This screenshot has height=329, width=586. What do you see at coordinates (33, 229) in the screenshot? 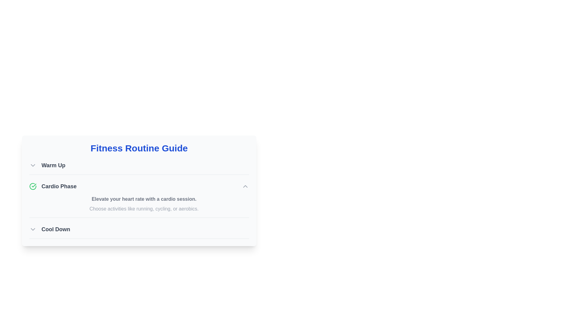
I see `the downward-pointing chevron icon, which is gray and located to the left of the 'Cool Down' text` at bounding box center [33, 229].